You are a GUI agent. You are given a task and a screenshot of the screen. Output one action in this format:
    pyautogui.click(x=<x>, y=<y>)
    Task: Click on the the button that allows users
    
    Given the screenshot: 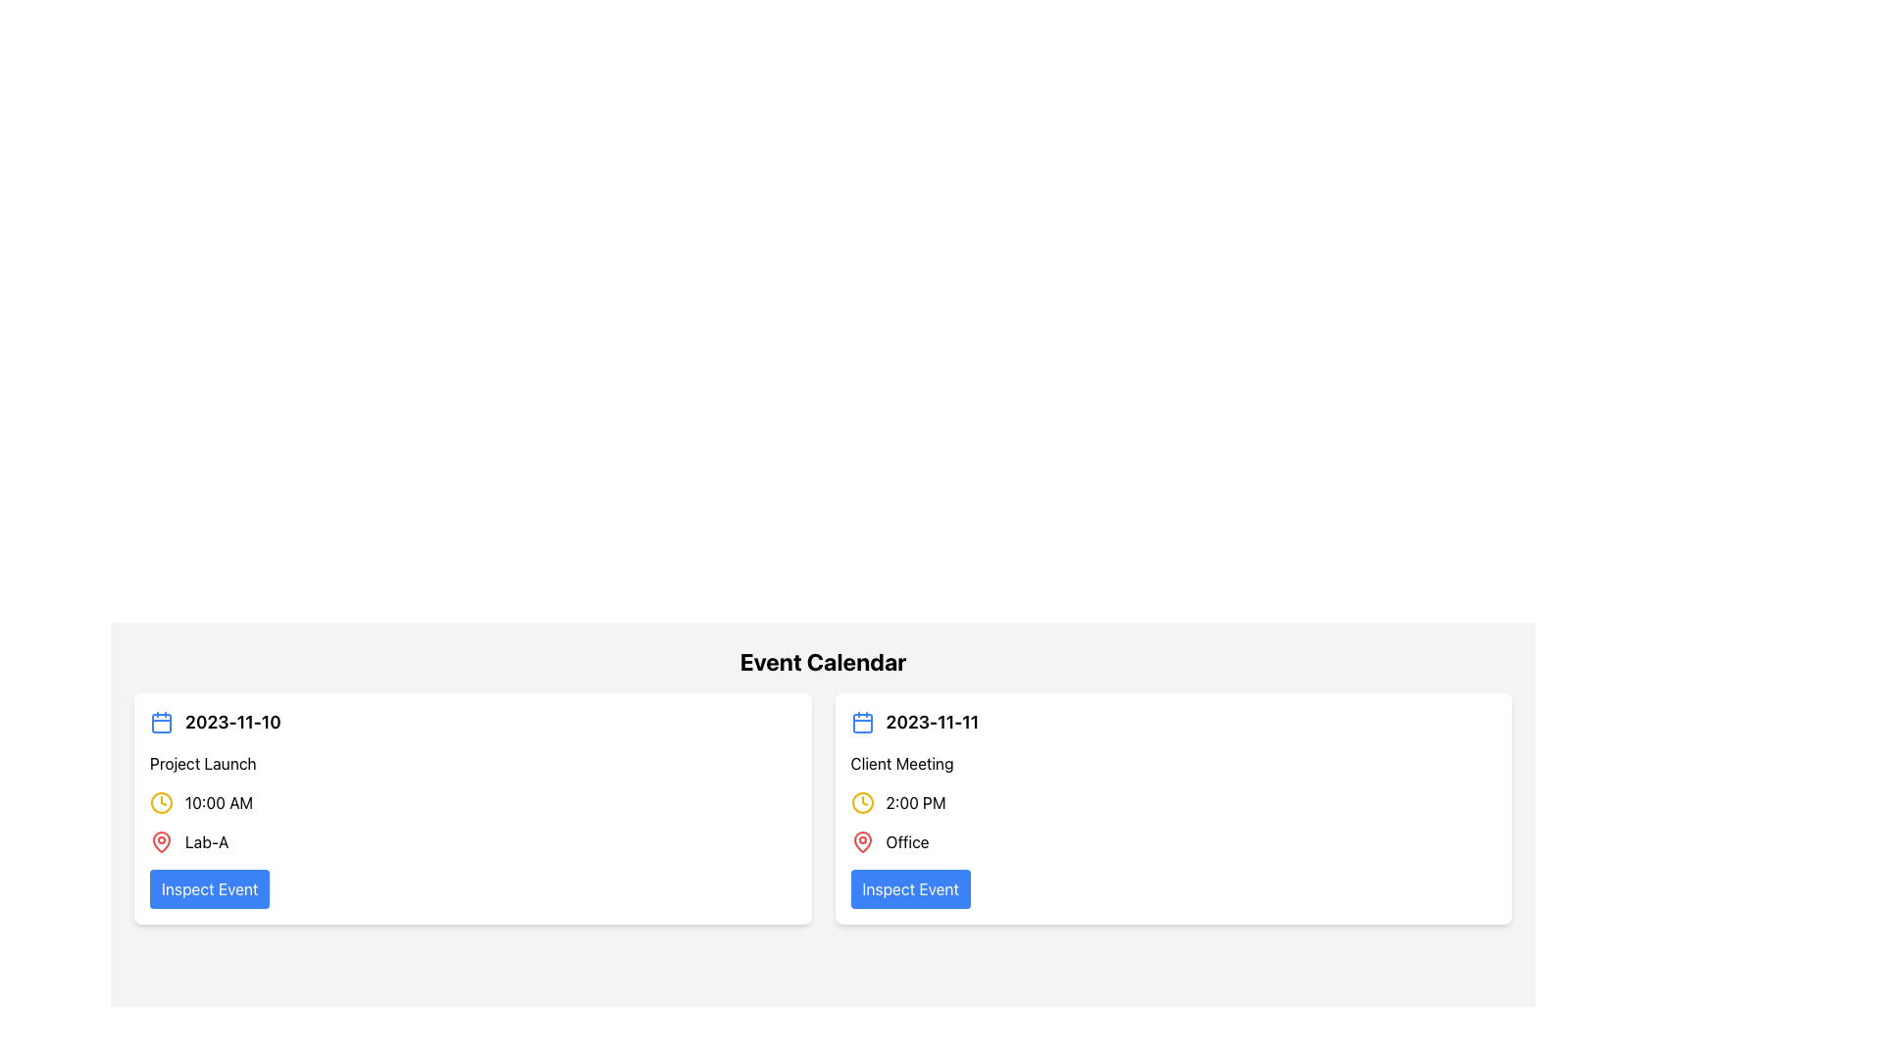 What is the action you would take?
    pyautogui.click(x=909, y=888)
    